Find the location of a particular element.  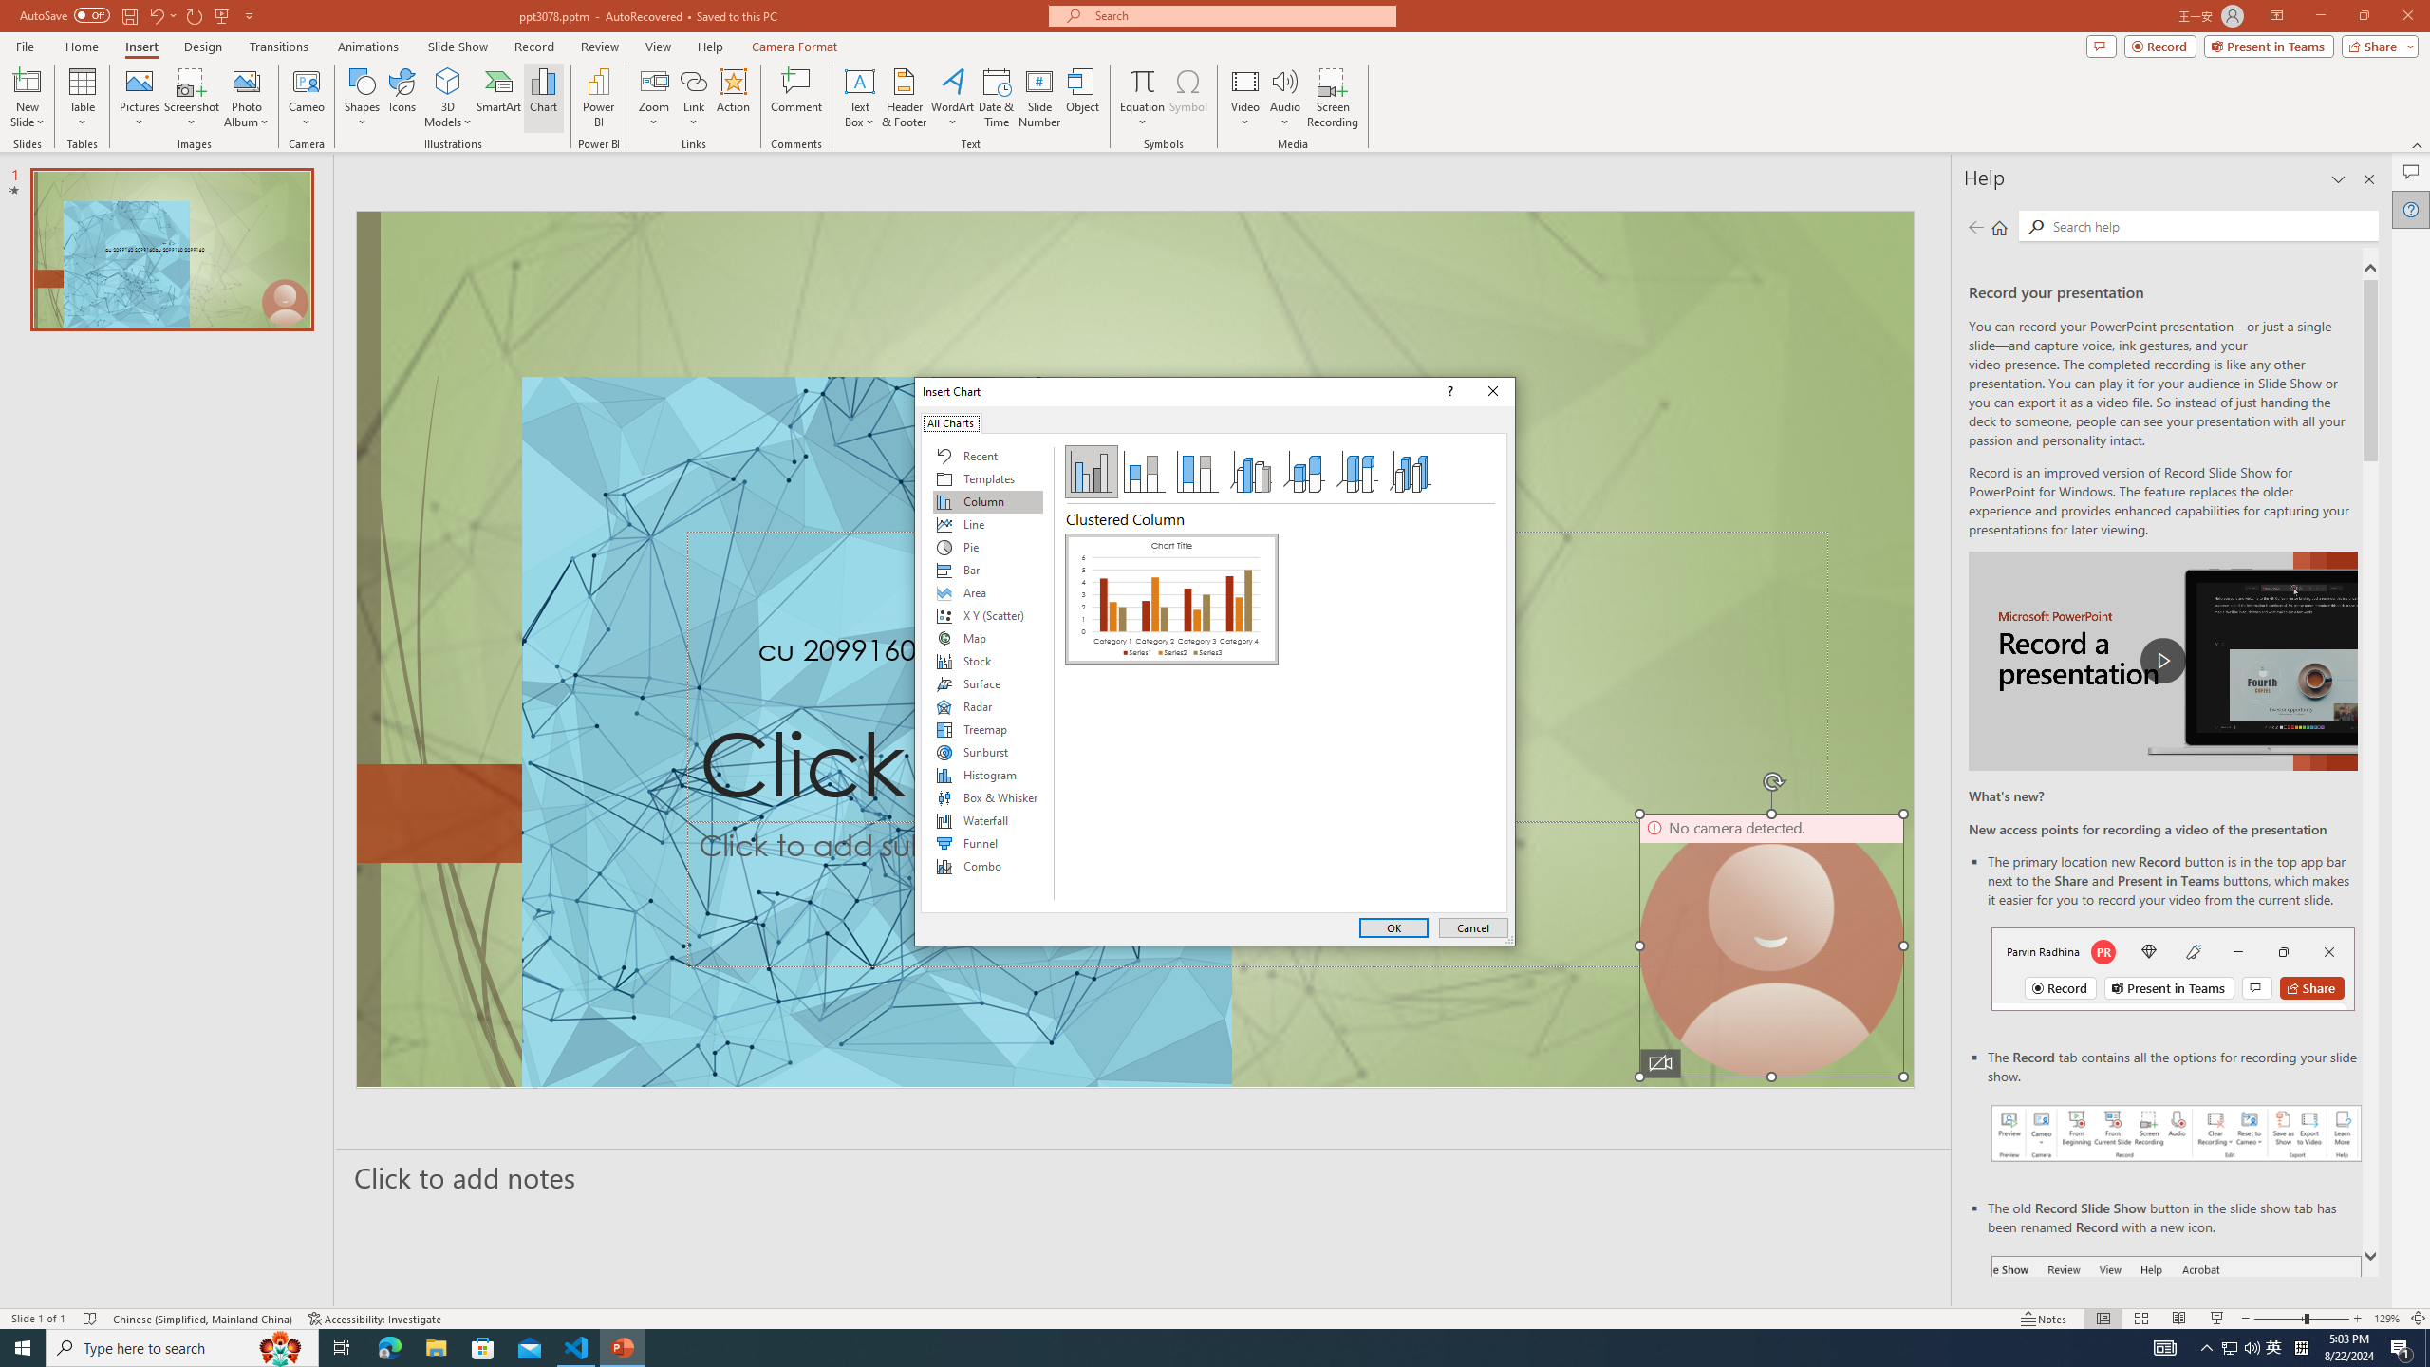

'3-D Stacked Column' is located at coordinates (1303, 472).